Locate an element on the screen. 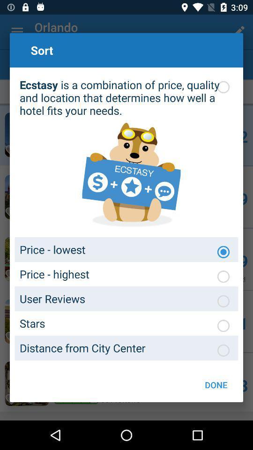 This screenshot has width=253, height=450. distance from city center option is located at coordinates (223, 350).